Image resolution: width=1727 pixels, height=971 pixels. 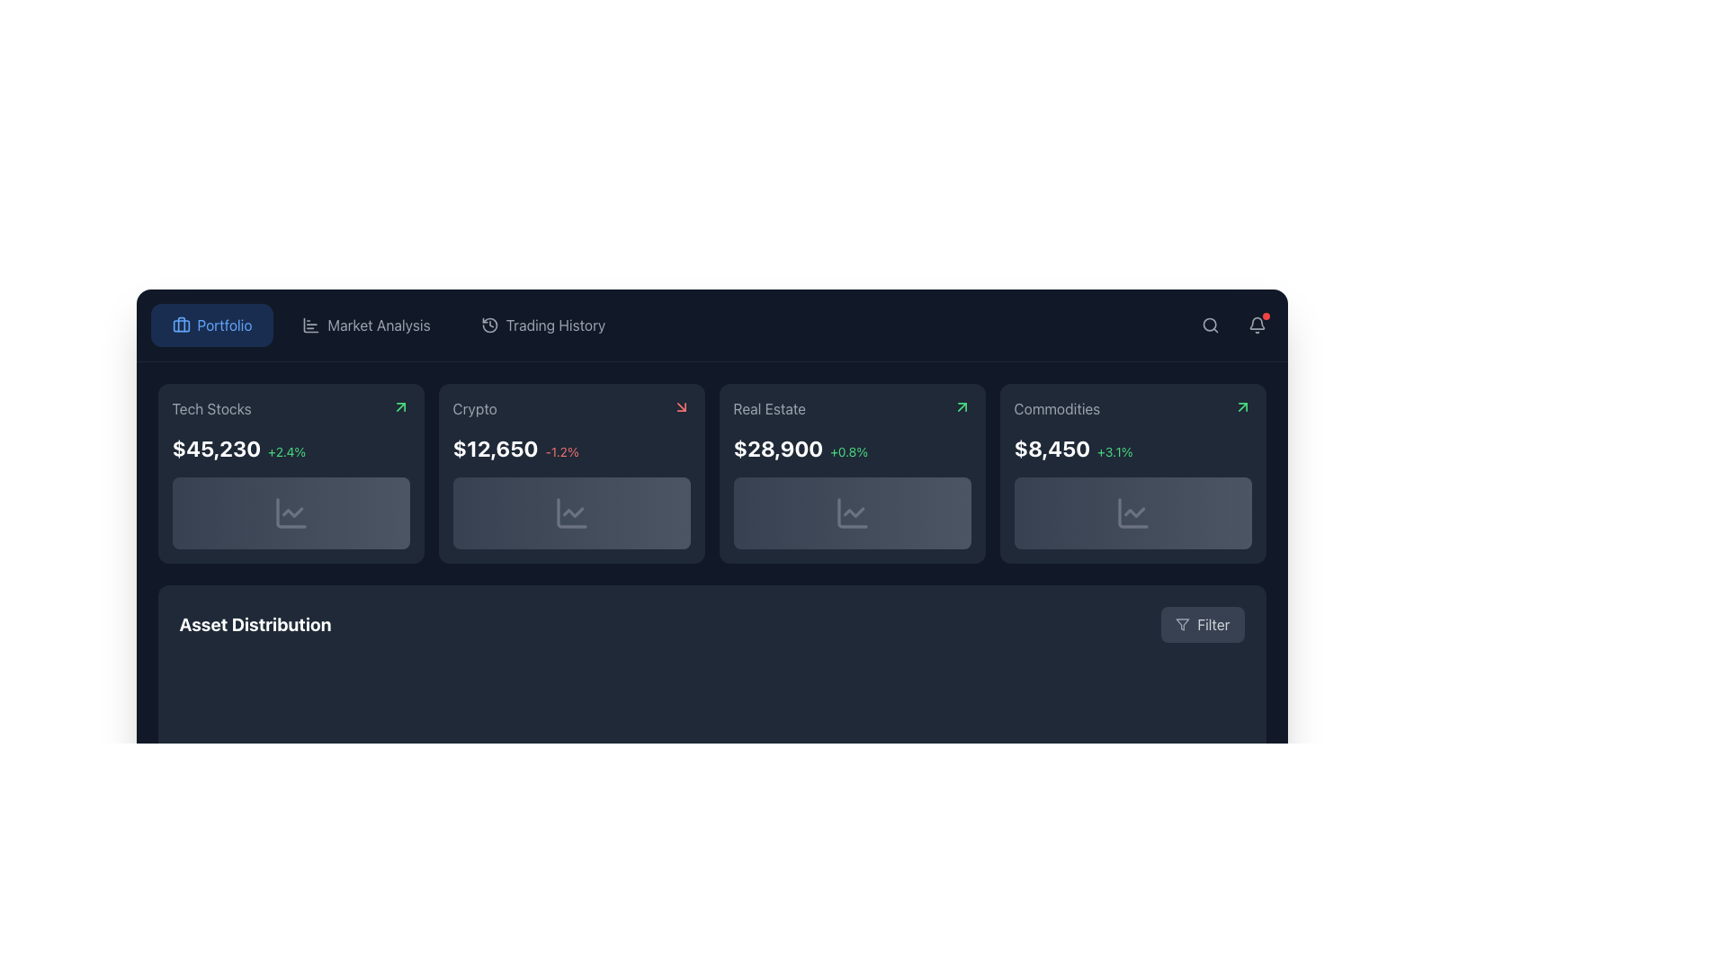 I want to click on the chart or graph icon located in the Crypto section of the dashboard, positioned beneath the '$12,650' amount and '-1.2%' percentage text, so click(x=570, y=512).